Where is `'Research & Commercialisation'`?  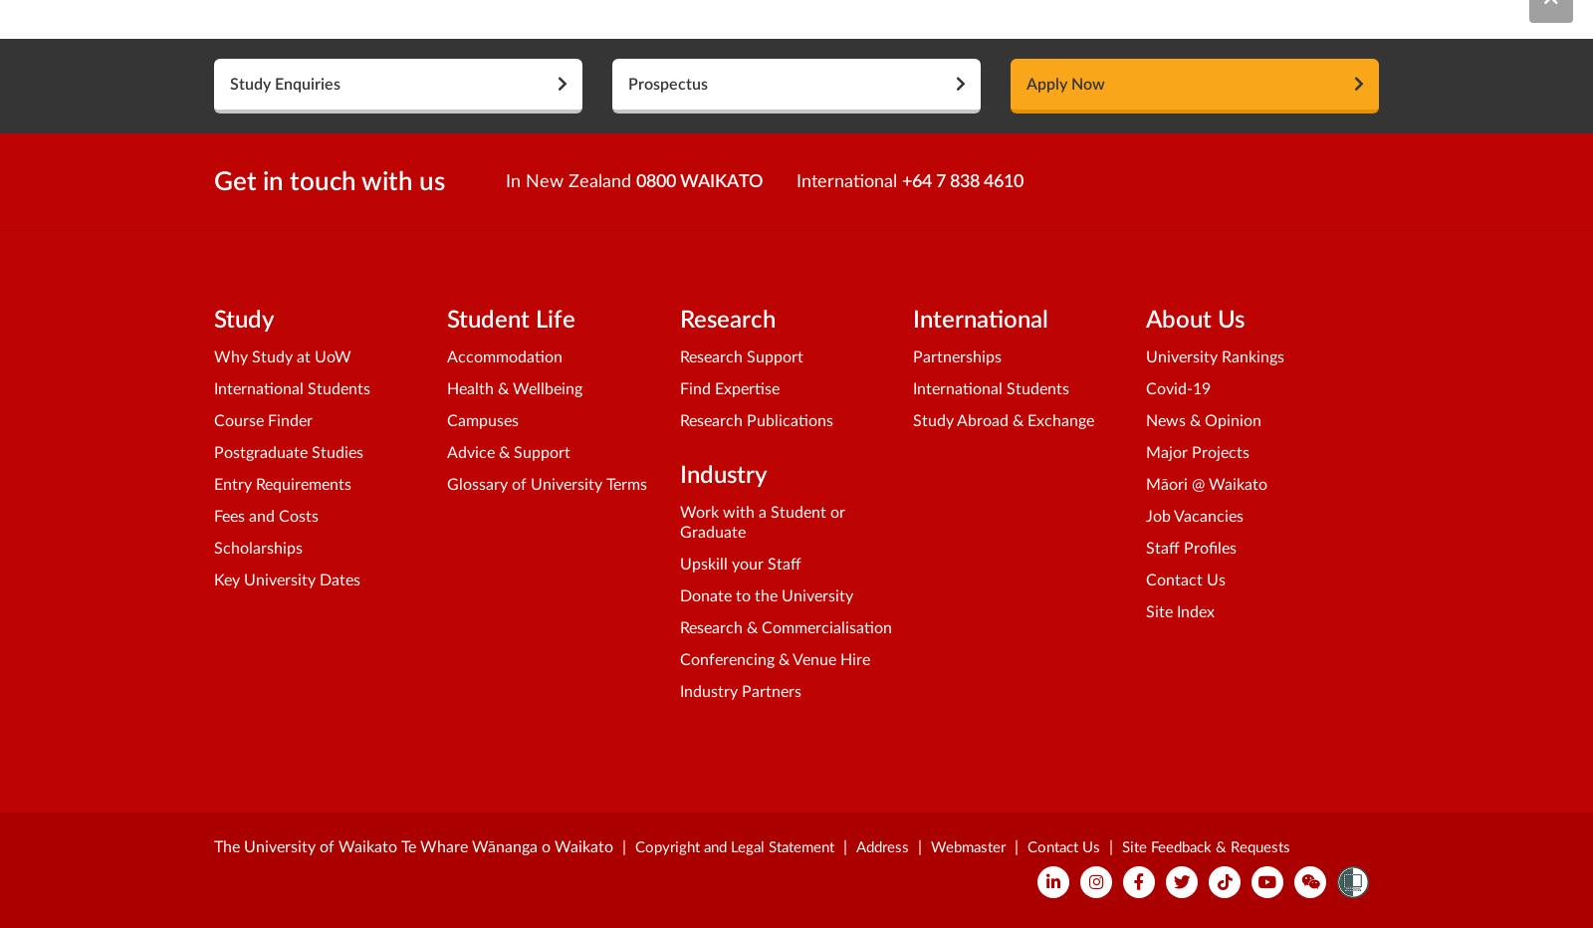
'Research & Commercialisation' is located at coordinates (786, 626).